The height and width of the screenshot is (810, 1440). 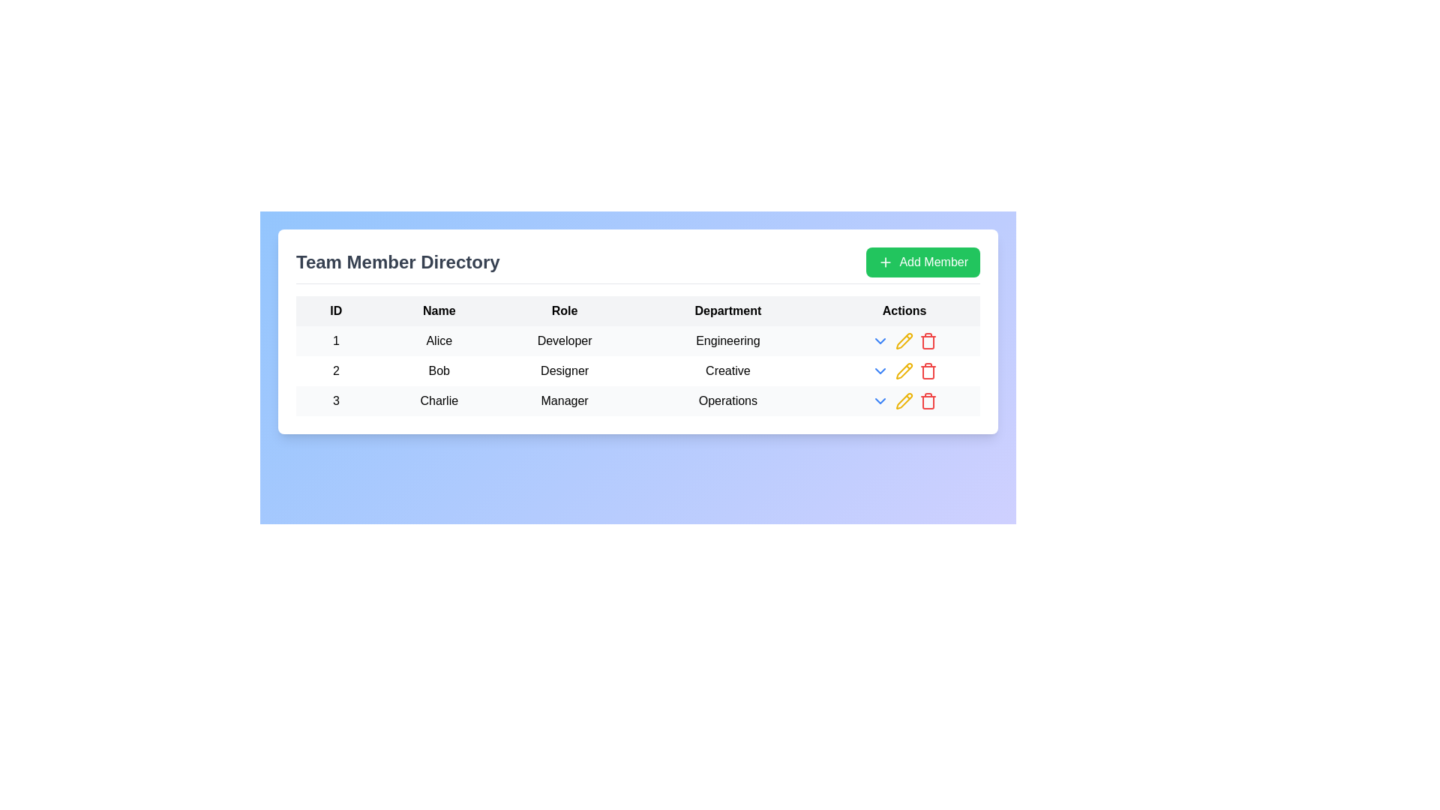 What do you see at coordinates (904, 400) in the screenshot?
I see `the group of three icon buttons in the 'Actions' column of the last row of the table` at bounding box center [904, 400].